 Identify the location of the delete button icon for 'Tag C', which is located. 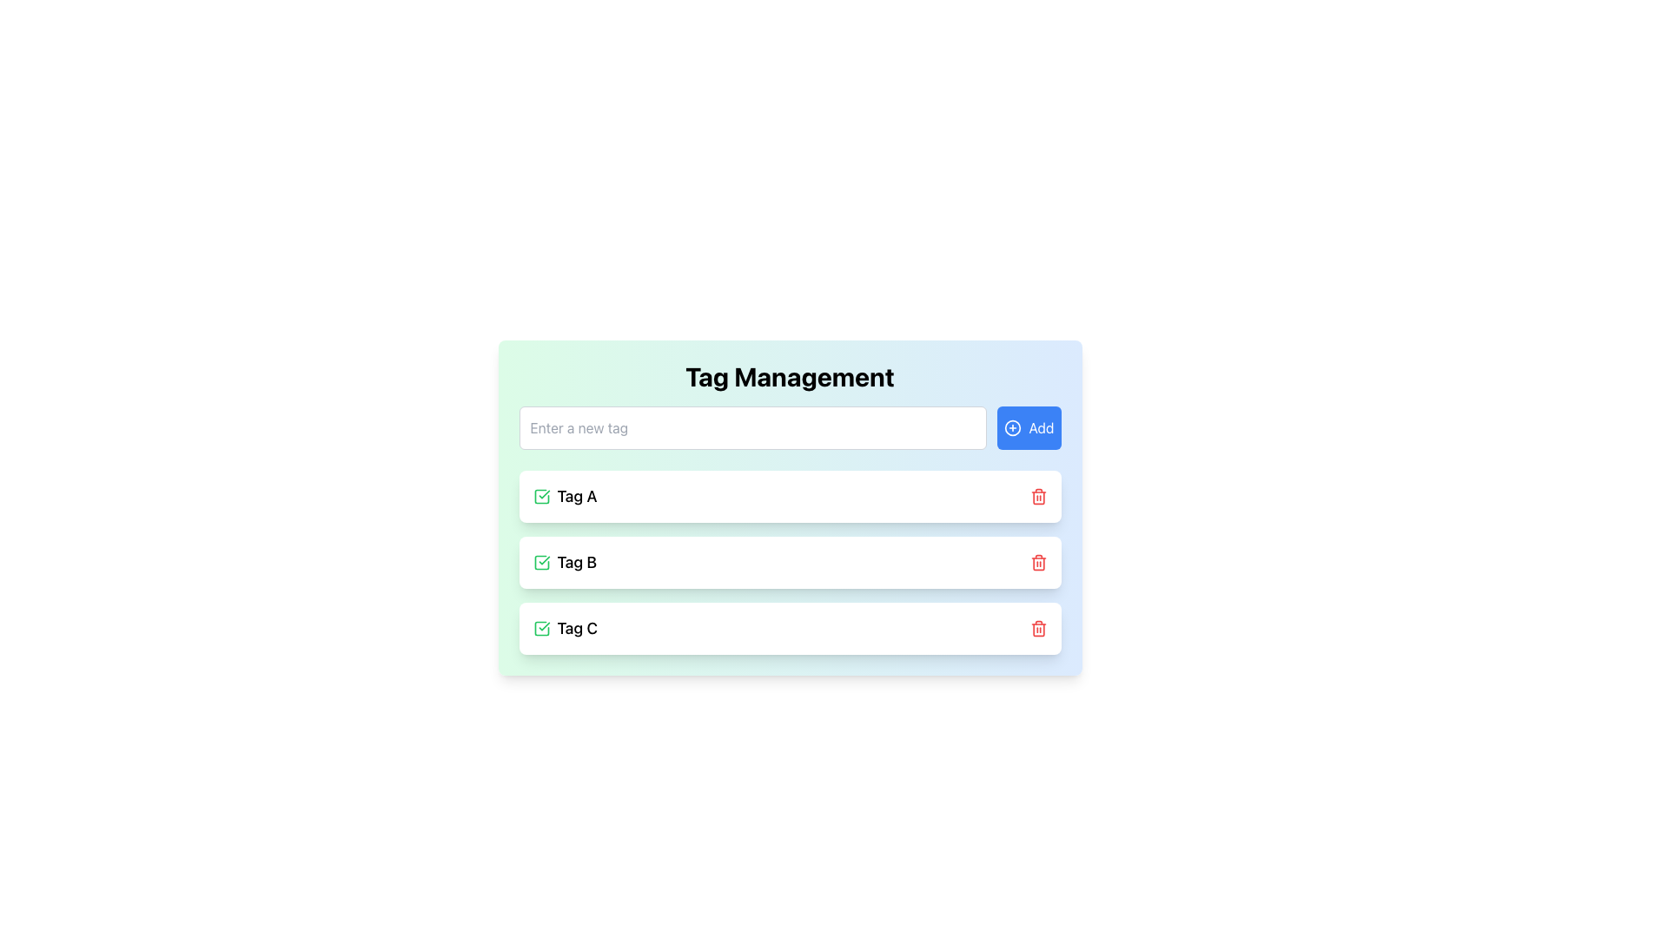
(1038, 629).